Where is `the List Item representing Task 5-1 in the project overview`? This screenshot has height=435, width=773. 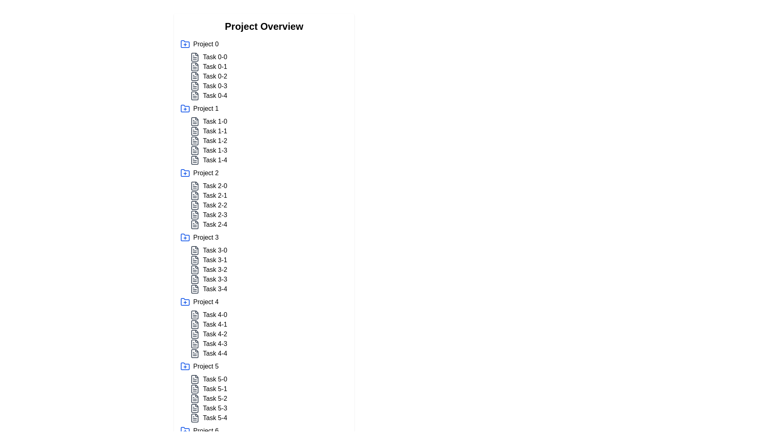 the List Item representing Task 5-1 in the project overview is located at coordinates (269, 388).